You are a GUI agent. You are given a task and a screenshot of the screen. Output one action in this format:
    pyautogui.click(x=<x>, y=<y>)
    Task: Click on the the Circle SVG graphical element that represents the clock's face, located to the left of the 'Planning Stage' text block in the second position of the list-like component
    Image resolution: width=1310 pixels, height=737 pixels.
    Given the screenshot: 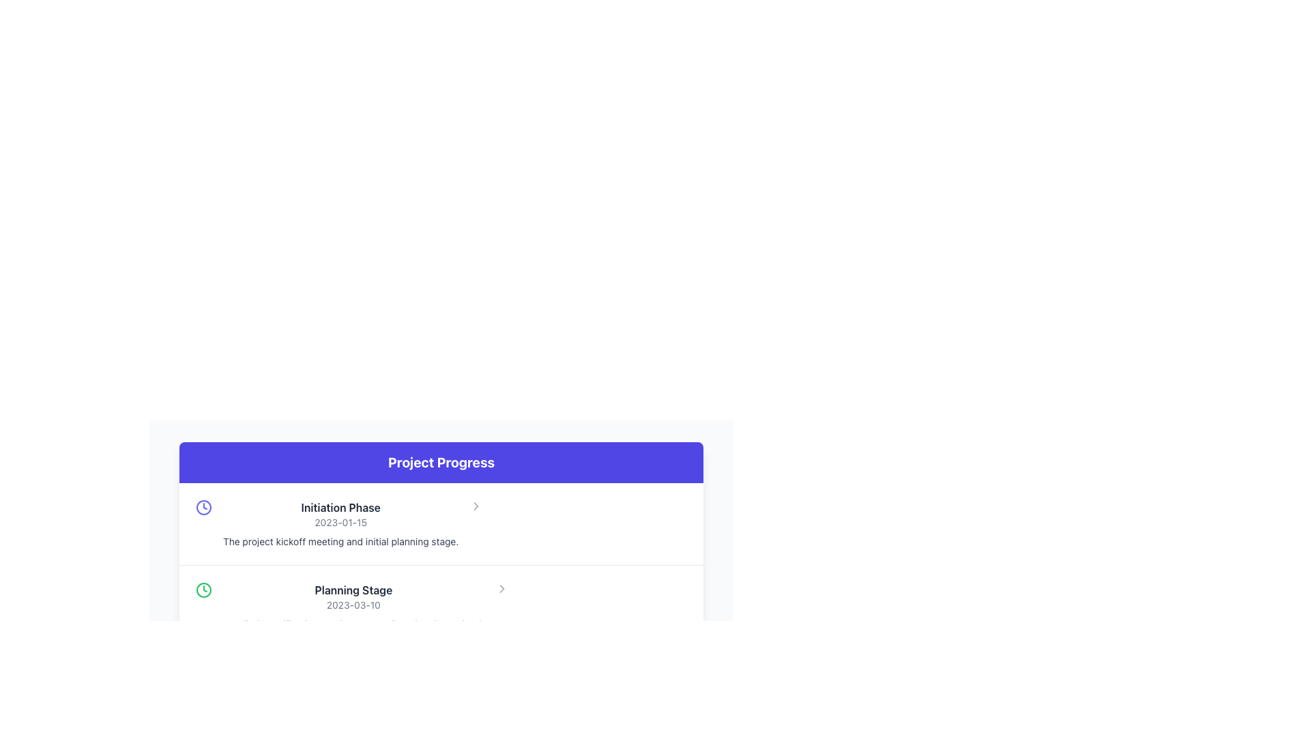 What is the action you would take?
    pyautogui.click(x=203, y=589)
    